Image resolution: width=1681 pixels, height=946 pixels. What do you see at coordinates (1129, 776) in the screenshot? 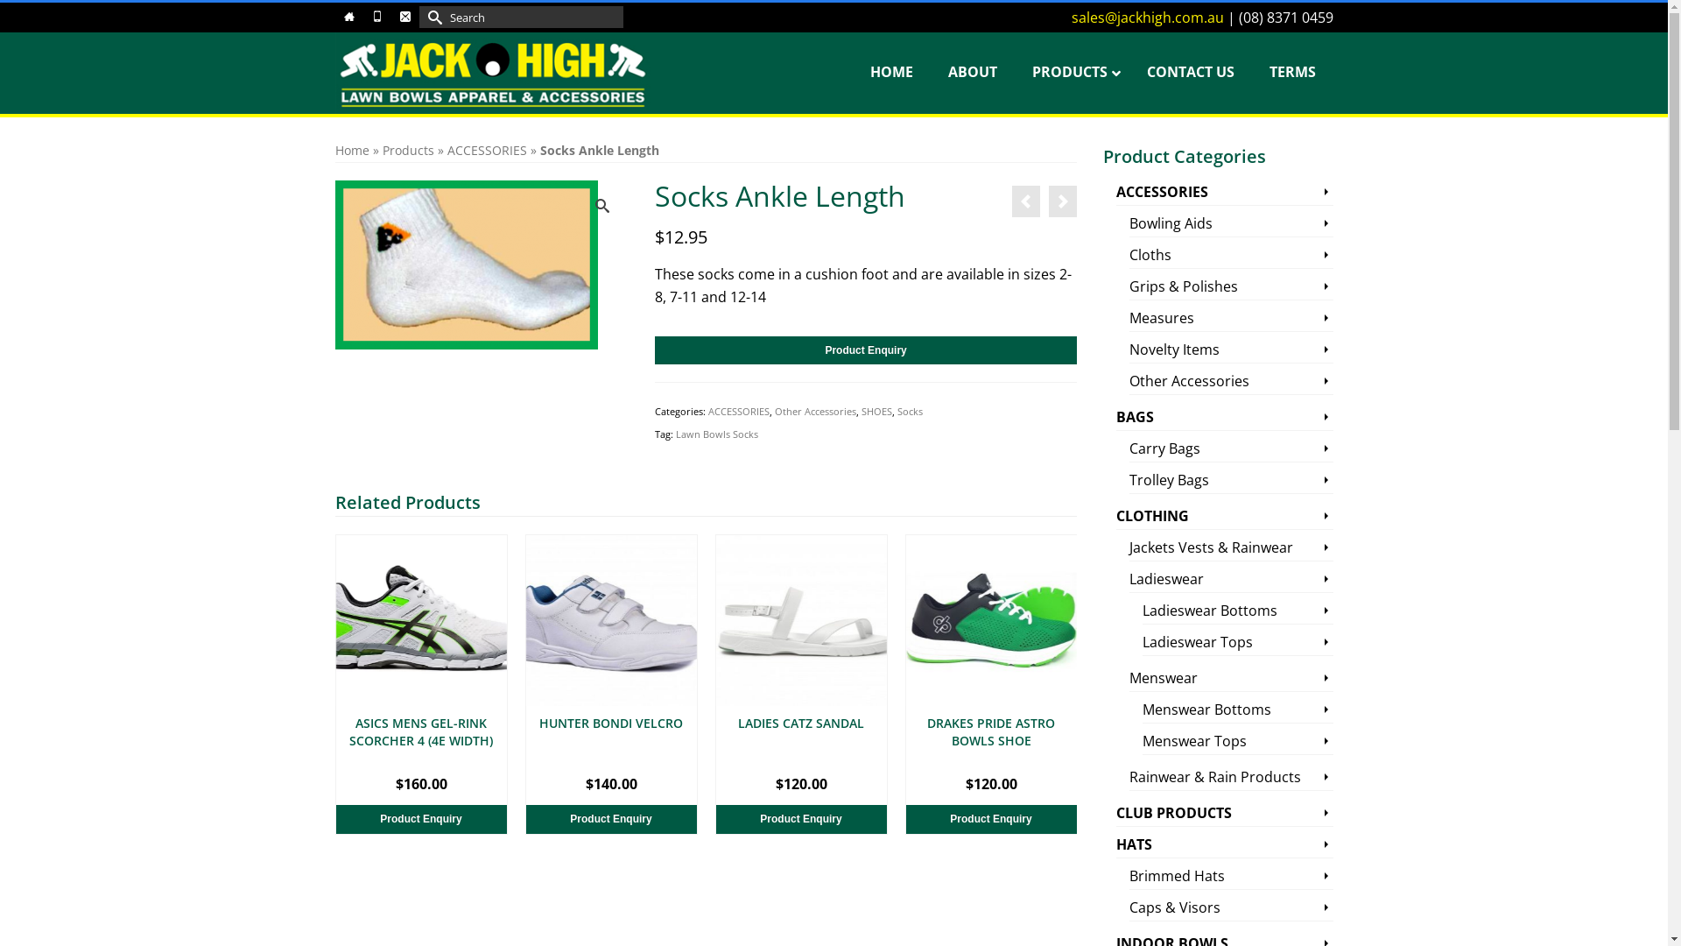
I see `'Rainwear & Rain Products'` at bounding box center [1129, 776].